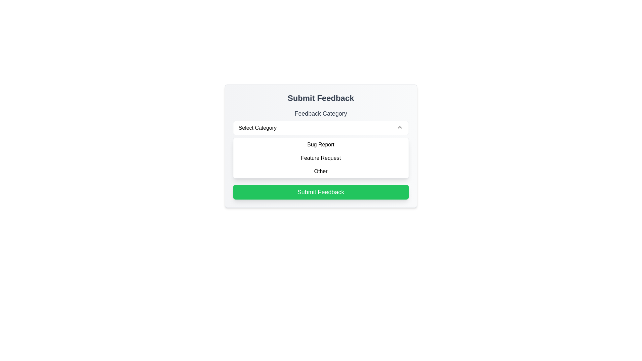 This screenshot has width=642, height=361. I want to click on the dropdown menu located below the title 'Feedback Category' in the 'Submit Feedback' form, so click(320, 128).